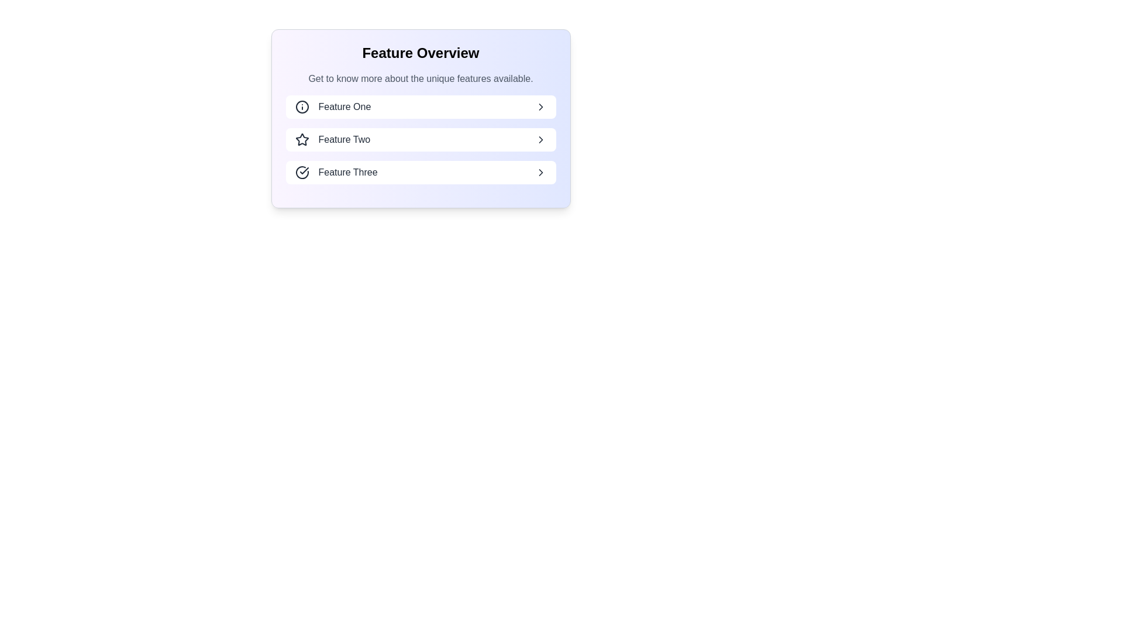 The height and width of the screenshot is (632, 1123). What do you see at coordinates (421, 79) in the screenshot?
I see `the text element containing the sentence 'Get to know more about the unique features available.' which is styled in gray and located below the 'Feature Overview' heading` at bounding box center [421, 79].